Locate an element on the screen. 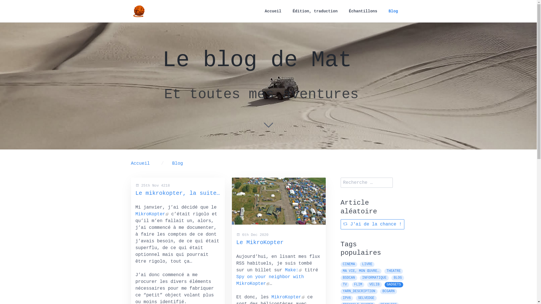 This screenshot has width=541, height=304. 'Accueil' is located at coordinates (273, 11).